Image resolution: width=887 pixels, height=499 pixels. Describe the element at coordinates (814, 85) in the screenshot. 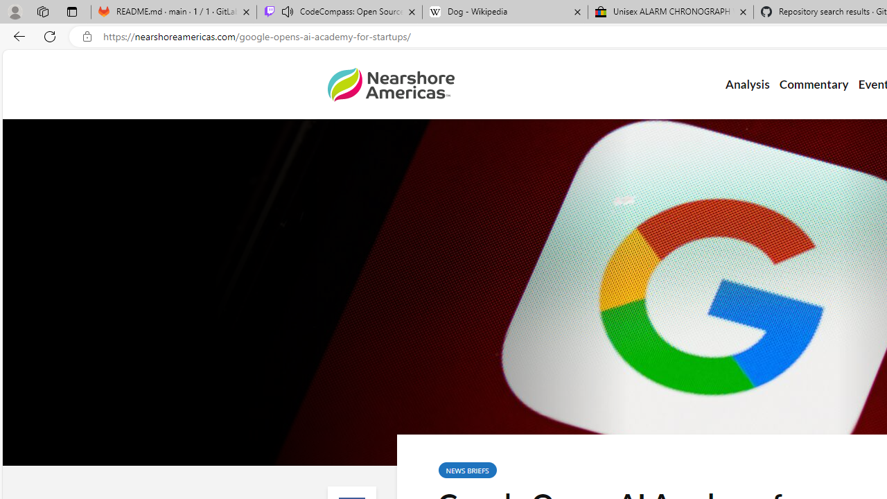

I see `'Commentary'` at that location.